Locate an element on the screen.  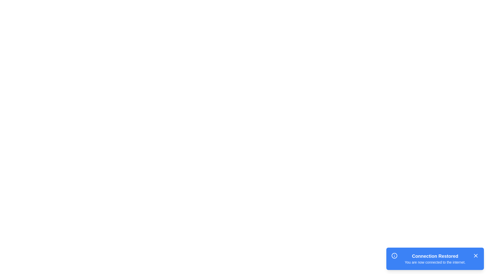
the X icon is located at coordinates (476, 255).